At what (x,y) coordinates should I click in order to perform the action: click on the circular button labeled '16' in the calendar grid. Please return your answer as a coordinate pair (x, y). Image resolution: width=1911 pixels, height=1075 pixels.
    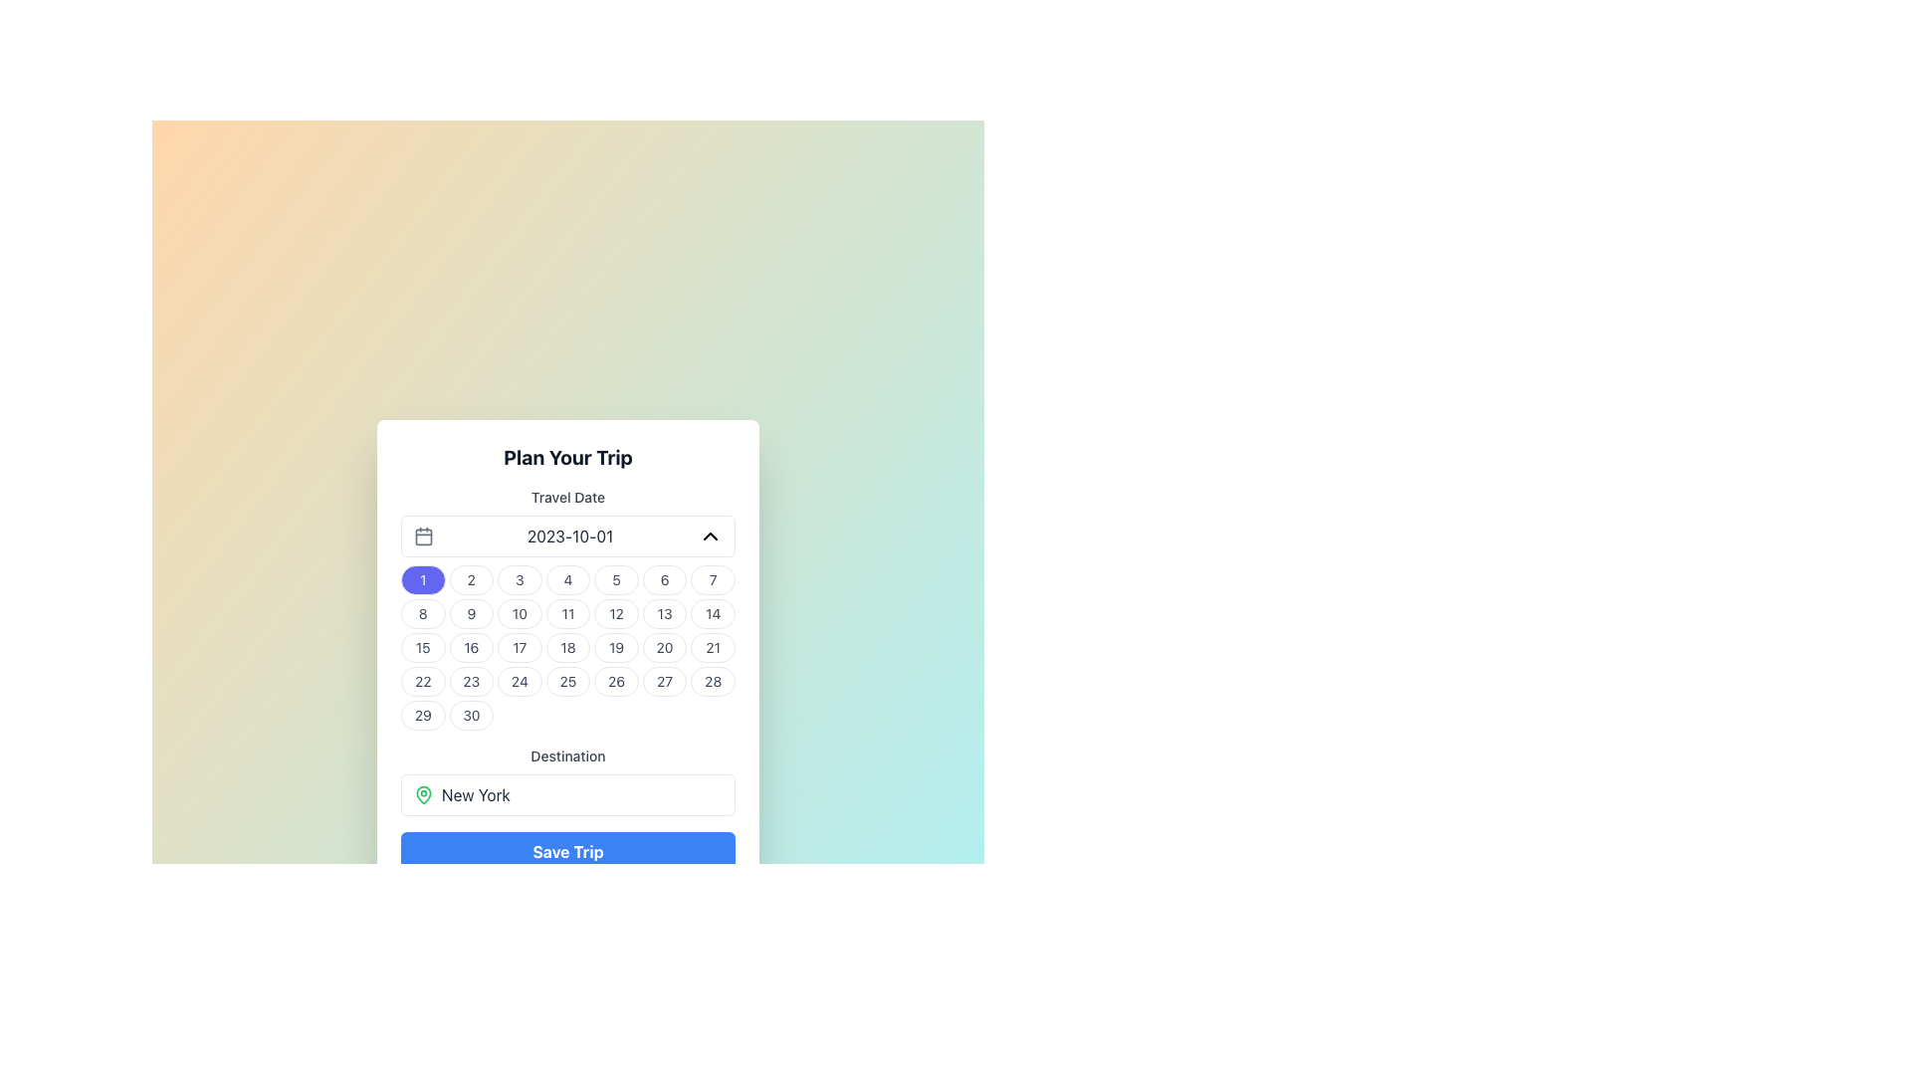
    Looking at the image, I should click on (470, 648).